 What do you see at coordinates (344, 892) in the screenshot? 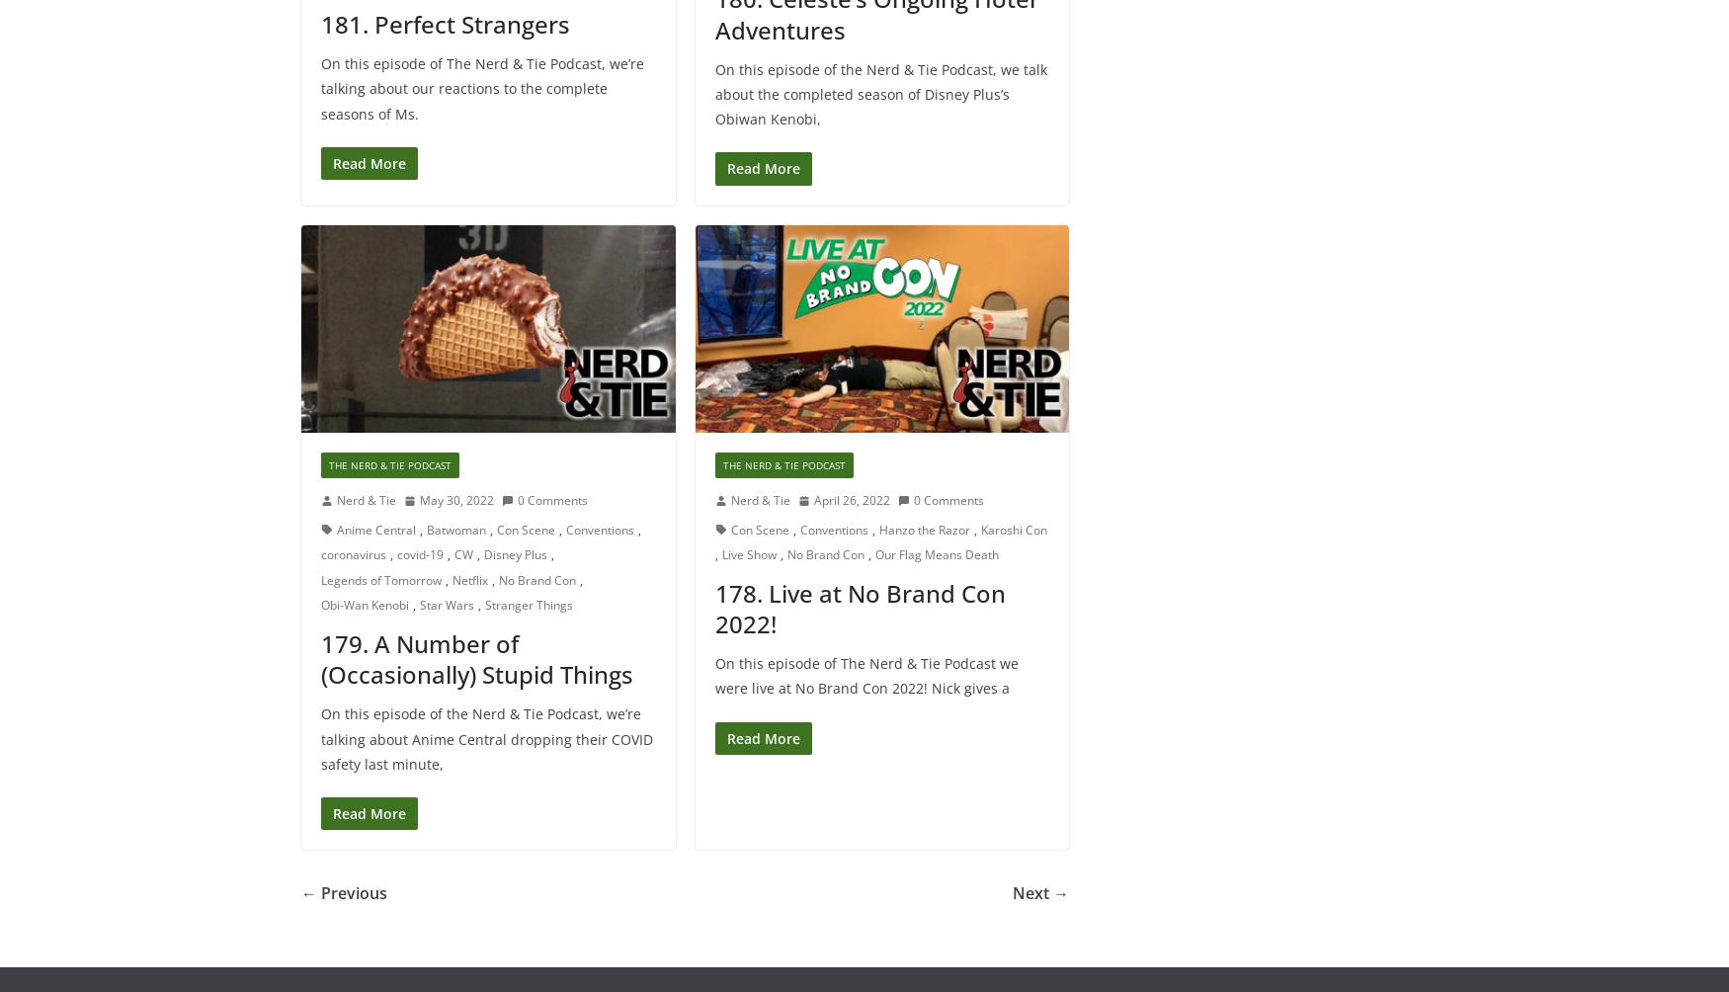
I see `'← Previous'` at bounding box center [344, 892].